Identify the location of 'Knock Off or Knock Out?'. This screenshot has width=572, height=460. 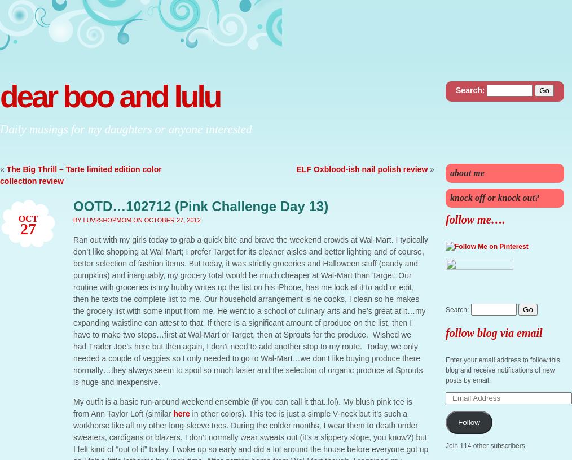
(494, 197).